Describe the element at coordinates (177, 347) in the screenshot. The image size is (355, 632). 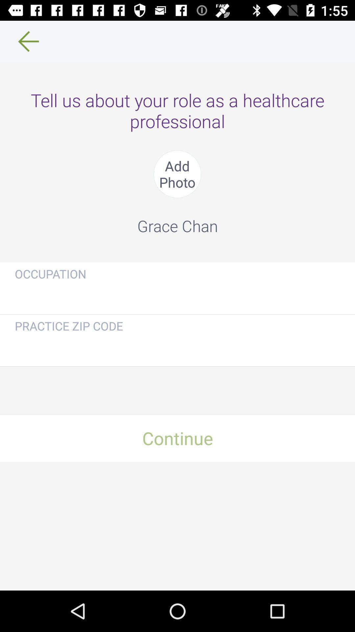
I see `zip code` at that location.